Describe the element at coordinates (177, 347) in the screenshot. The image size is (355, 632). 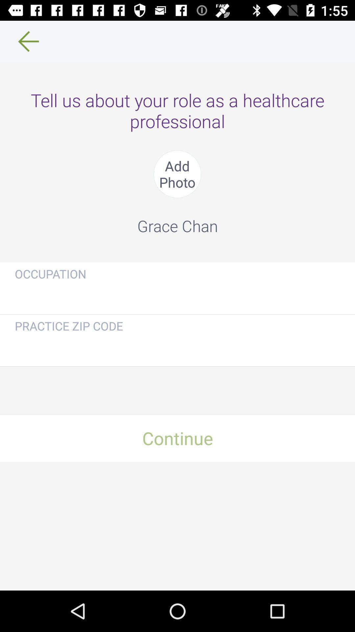
I see `zip code` at that location.